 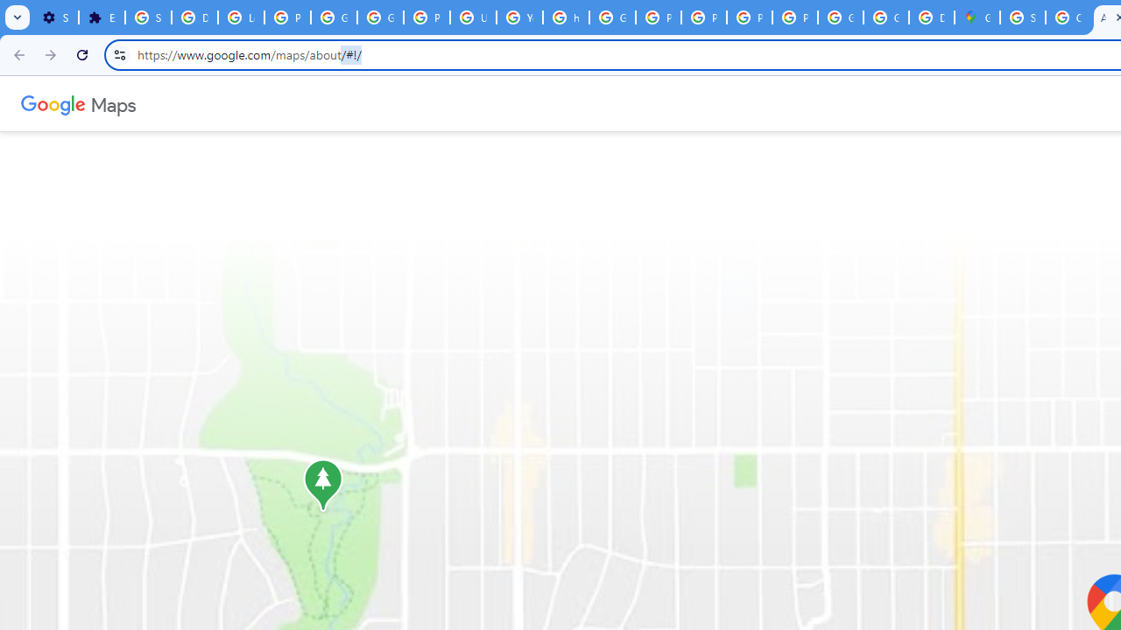 What do you see at coordinates (55, 17) in the screenshot?
I see `'Settings - On startup'` at bounding box center [55, 17].